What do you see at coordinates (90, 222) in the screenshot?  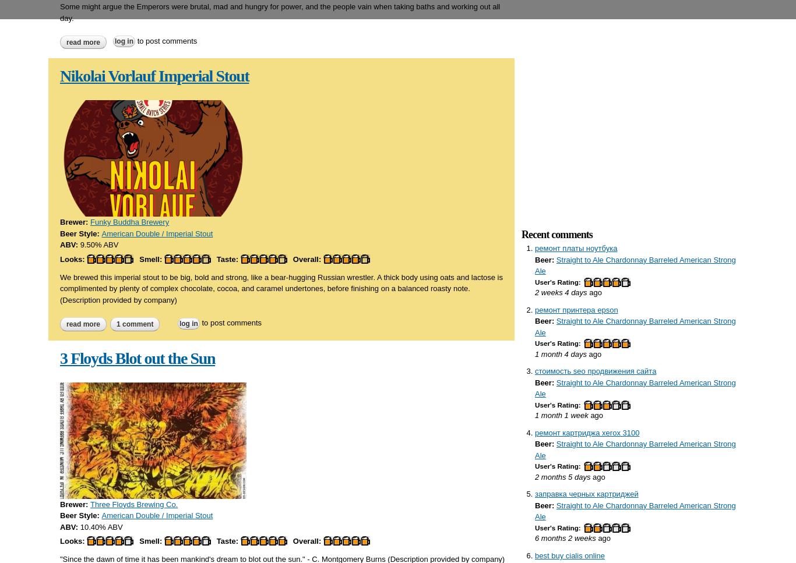 I see `'Funky Buddha Brewery'` at bounding box center [90, 222].